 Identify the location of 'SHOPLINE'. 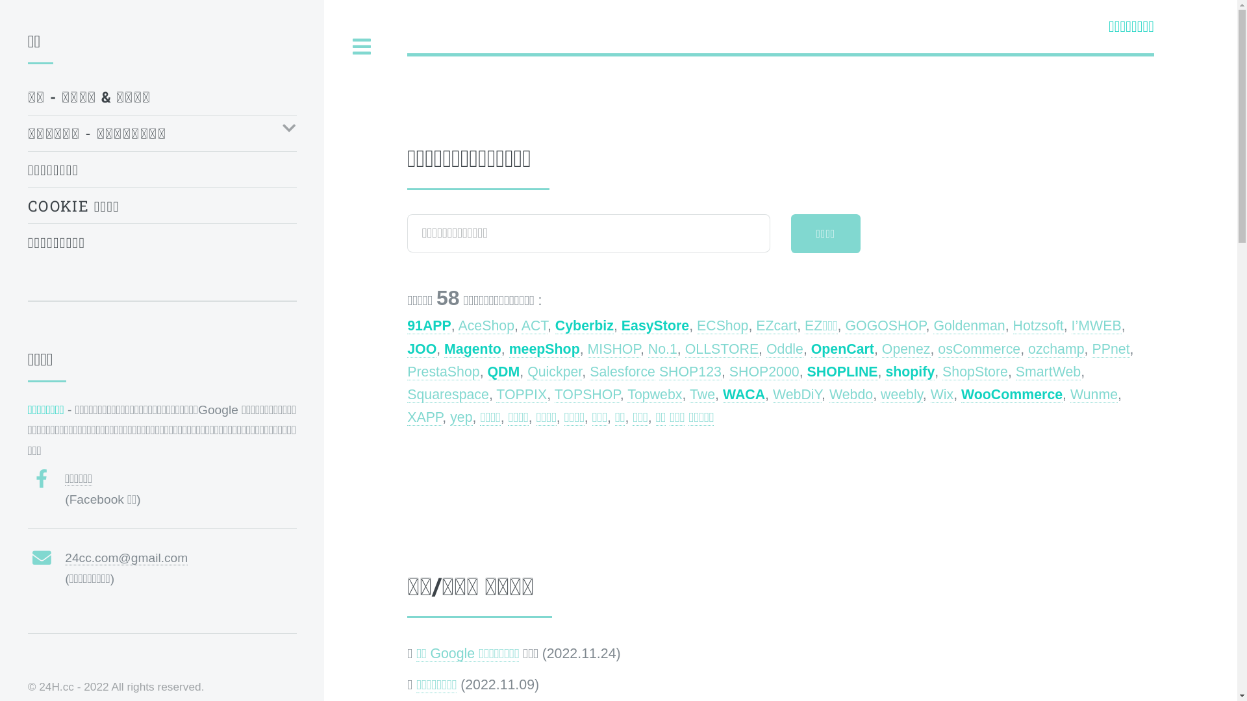
(842, 372).